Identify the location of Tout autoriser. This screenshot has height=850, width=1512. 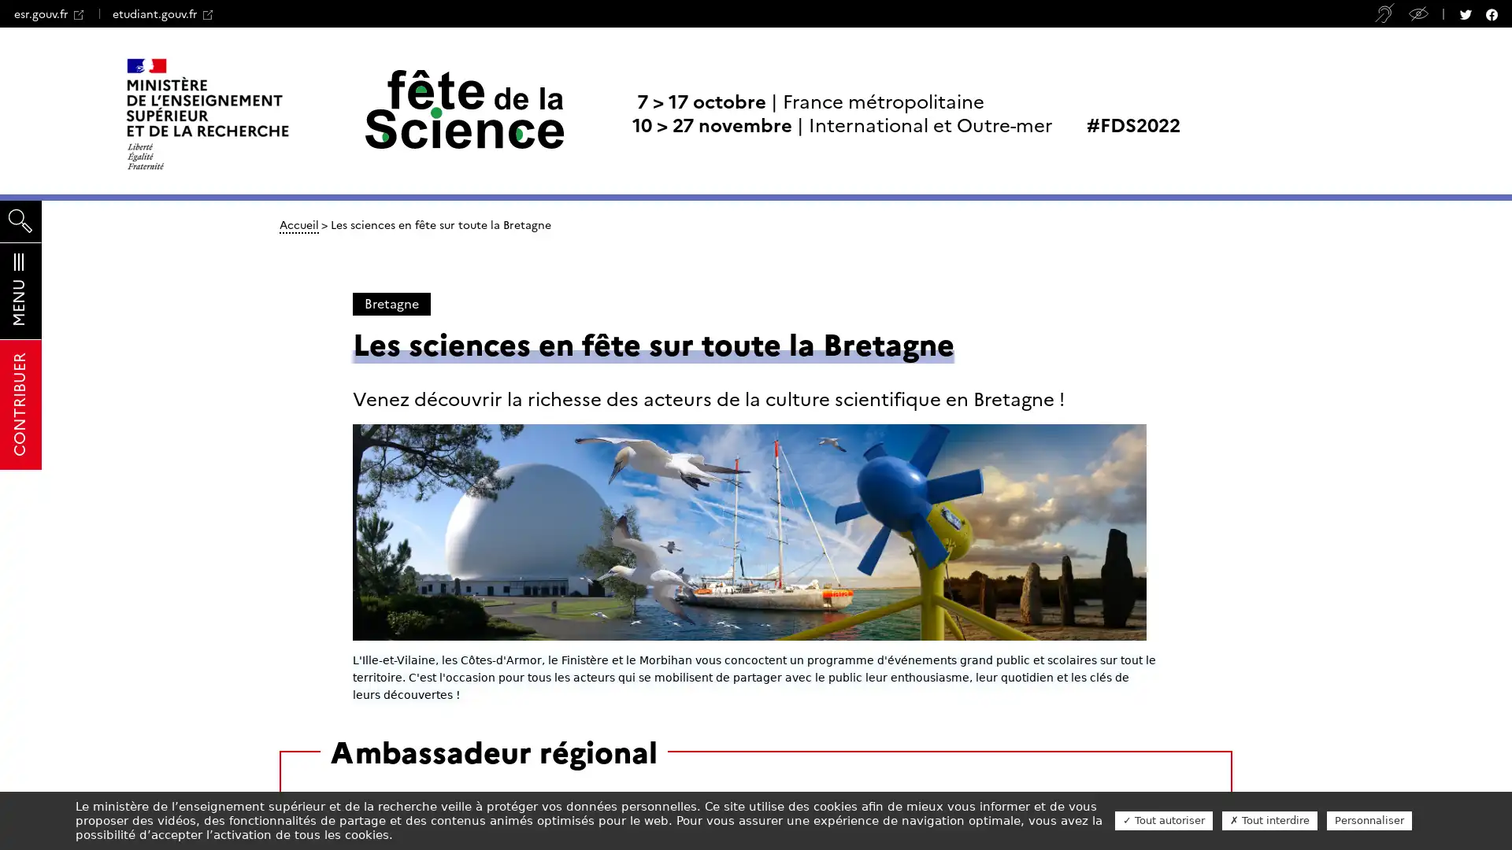
(1164, 819).